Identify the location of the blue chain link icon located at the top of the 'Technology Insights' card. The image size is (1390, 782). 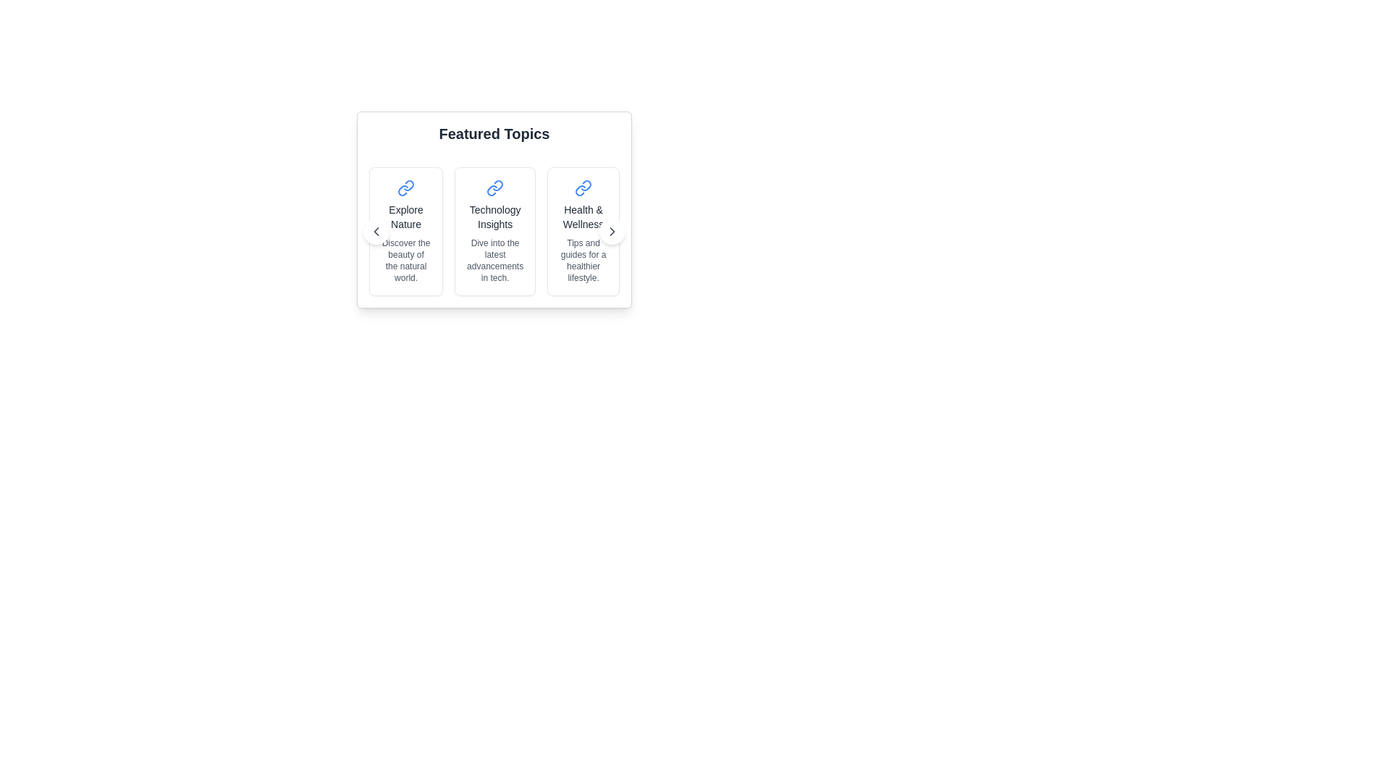
(495, 187).